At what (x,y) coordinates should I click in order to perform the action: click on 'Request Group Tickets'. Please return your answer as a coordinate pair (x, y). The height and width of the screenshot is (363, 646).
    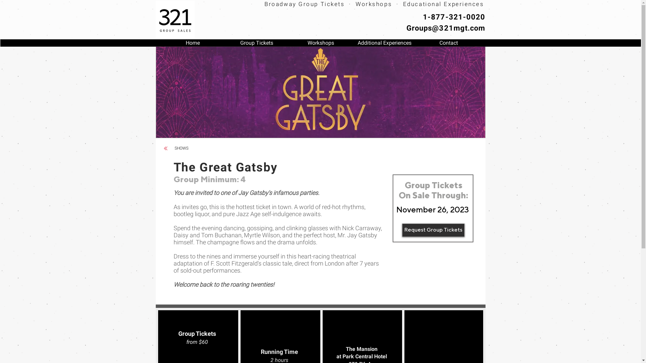
    Looking at the image, I should click on (402, 230).